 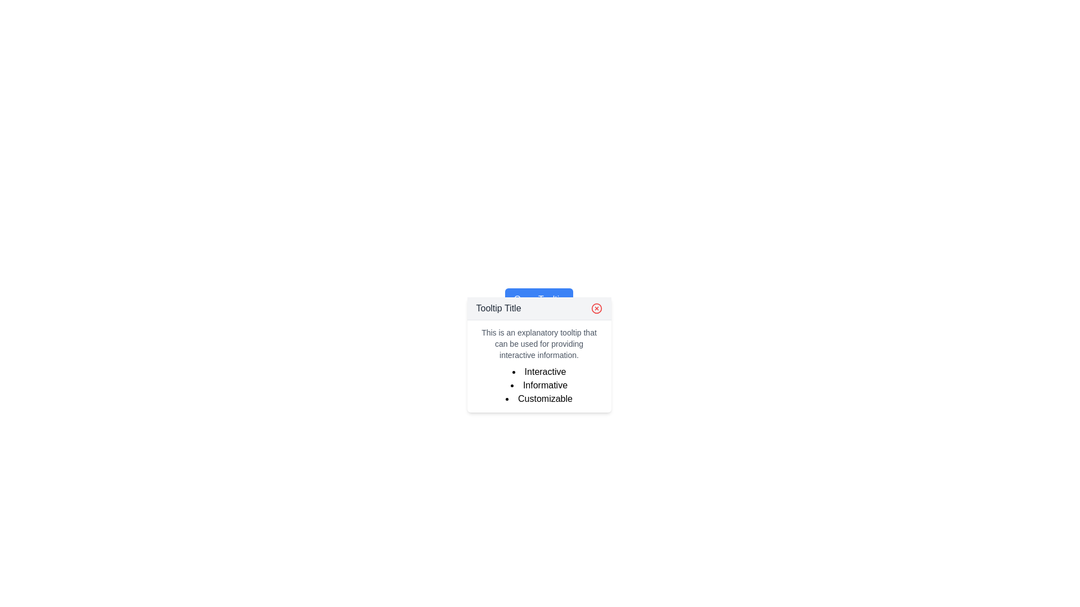 What do you see at coordinates (538, 355) in the screenshot?
I see `the tooltip that provides additional information to users, positioned slightly below the 'Open Tooltip' button` at bounding box center [538, 355].